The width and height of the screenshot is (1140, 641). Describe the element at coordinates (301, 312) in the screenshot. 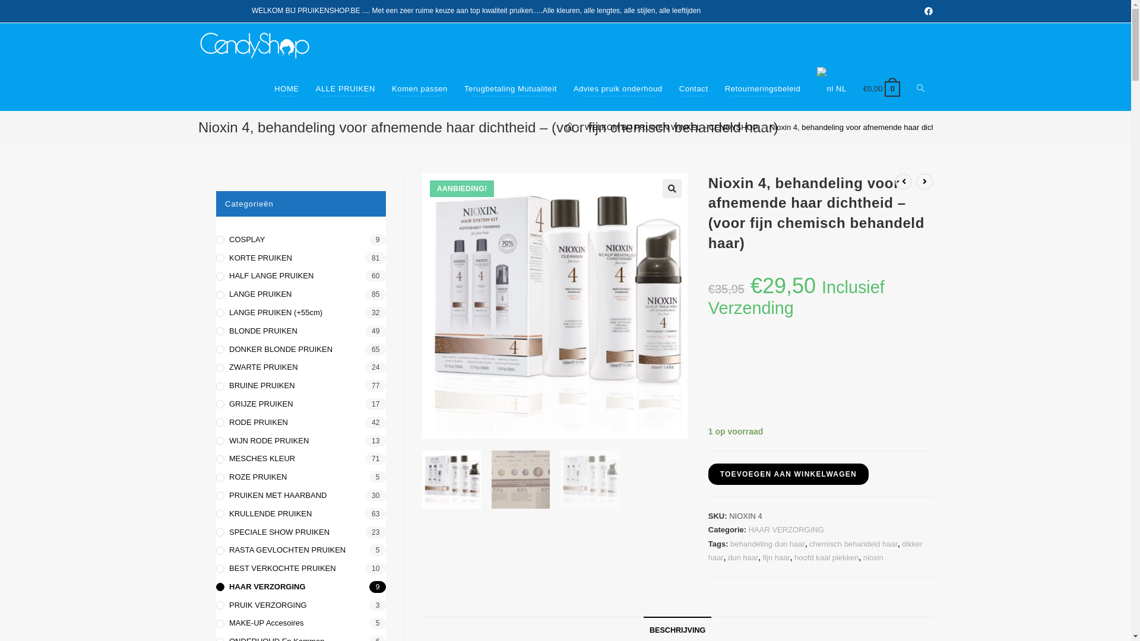

I see `'LANGE PRUIKEN (+55cm)'` at that location.